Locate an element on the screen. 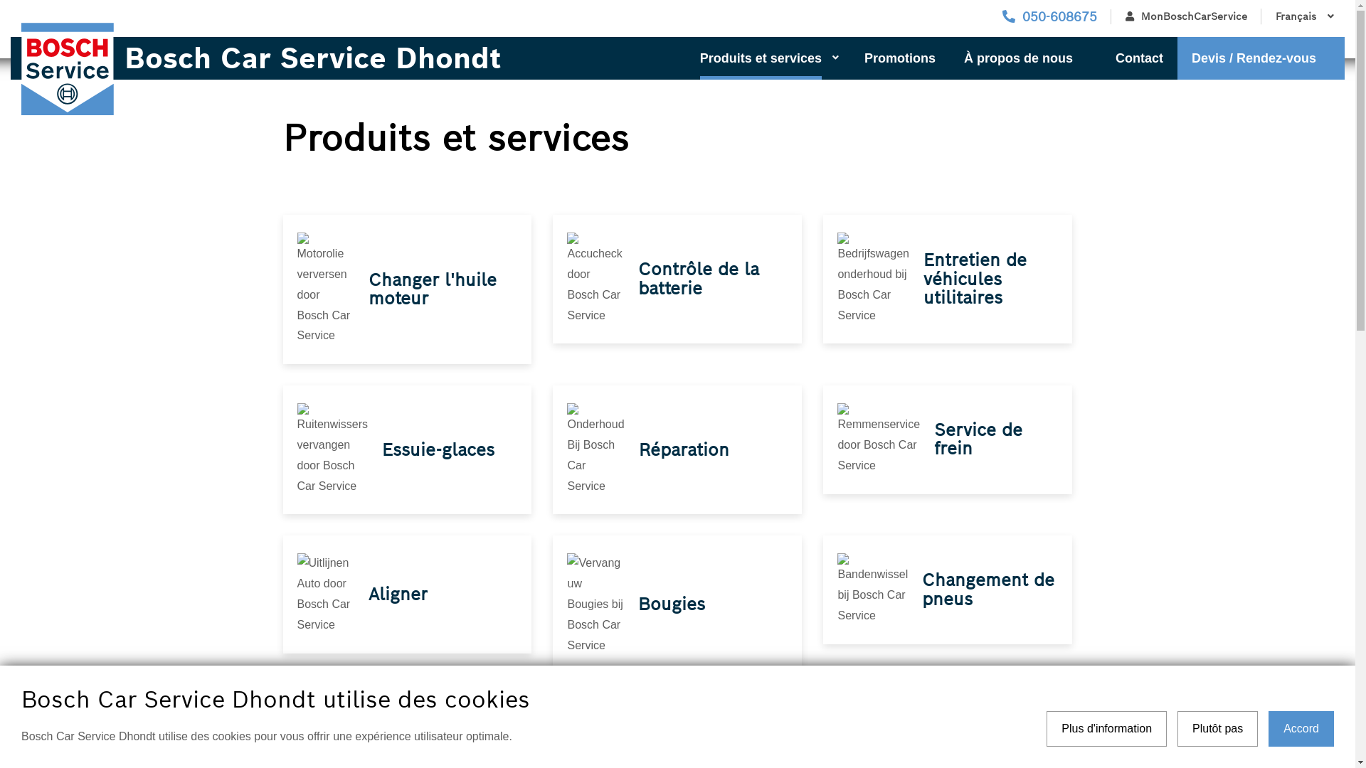 Image resolution: width=1366 pixels, height=768 pixels. 'Skip to main content' is located at coordinates (0, 0).